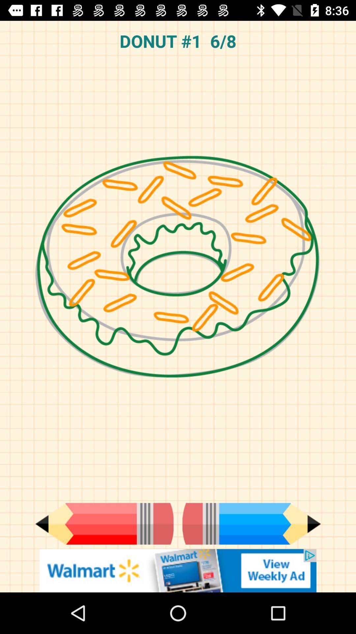 The height and width of the screenshot is (634, 356). I want to click on come back, so click(104, 523).